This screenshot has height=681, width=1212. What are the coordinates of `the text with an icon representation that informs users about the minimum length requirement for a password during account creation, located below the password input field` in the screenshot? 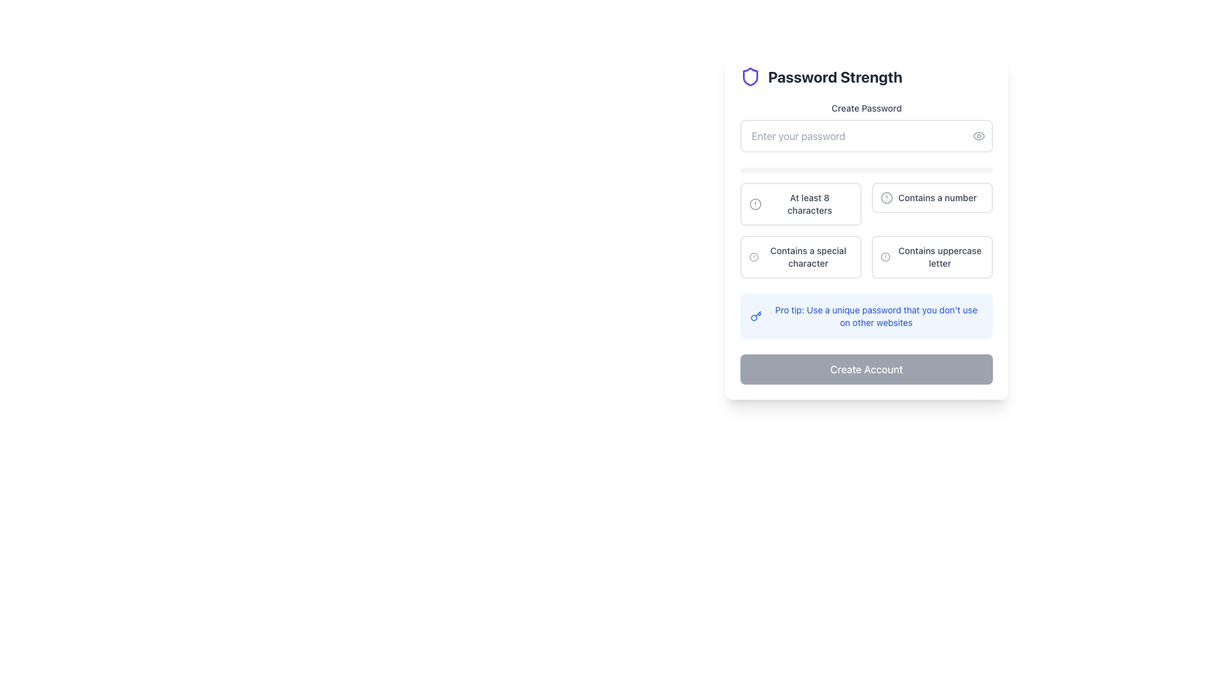 It's located at (800, 204).